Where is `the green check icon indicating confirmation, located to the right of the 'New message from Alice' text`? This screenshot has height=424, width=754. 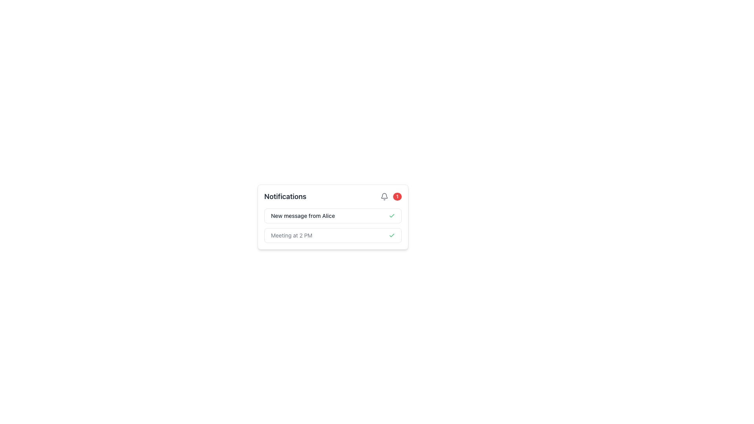
the green check icon indicating confirmation, located to the right of the 'New message from Alice' text is located at coordinates (392, 216).